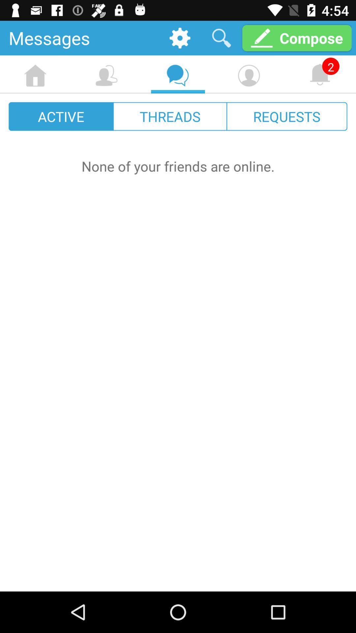 The image size is (356, 633). What do you see at coordinates (286, 116) in the screenshot?
I see `the item to the right of the threads icon` at bounding box center [286, 116].